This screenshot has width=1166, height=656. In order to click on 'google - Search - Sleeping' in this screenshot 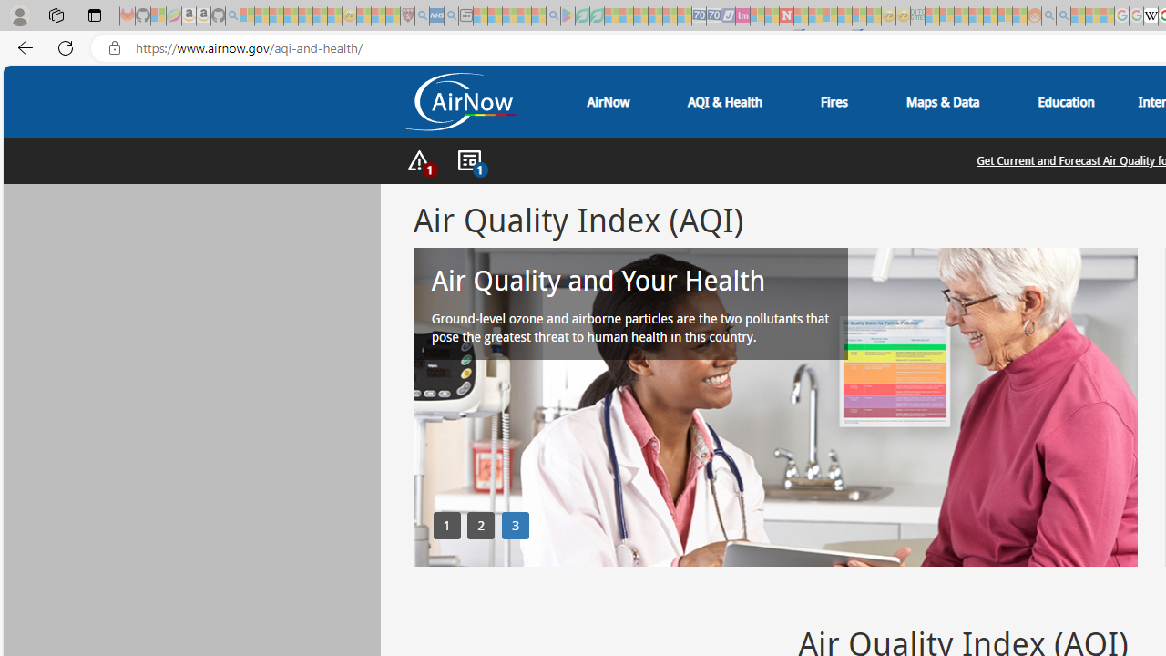, I will do `click(553, 15)`.